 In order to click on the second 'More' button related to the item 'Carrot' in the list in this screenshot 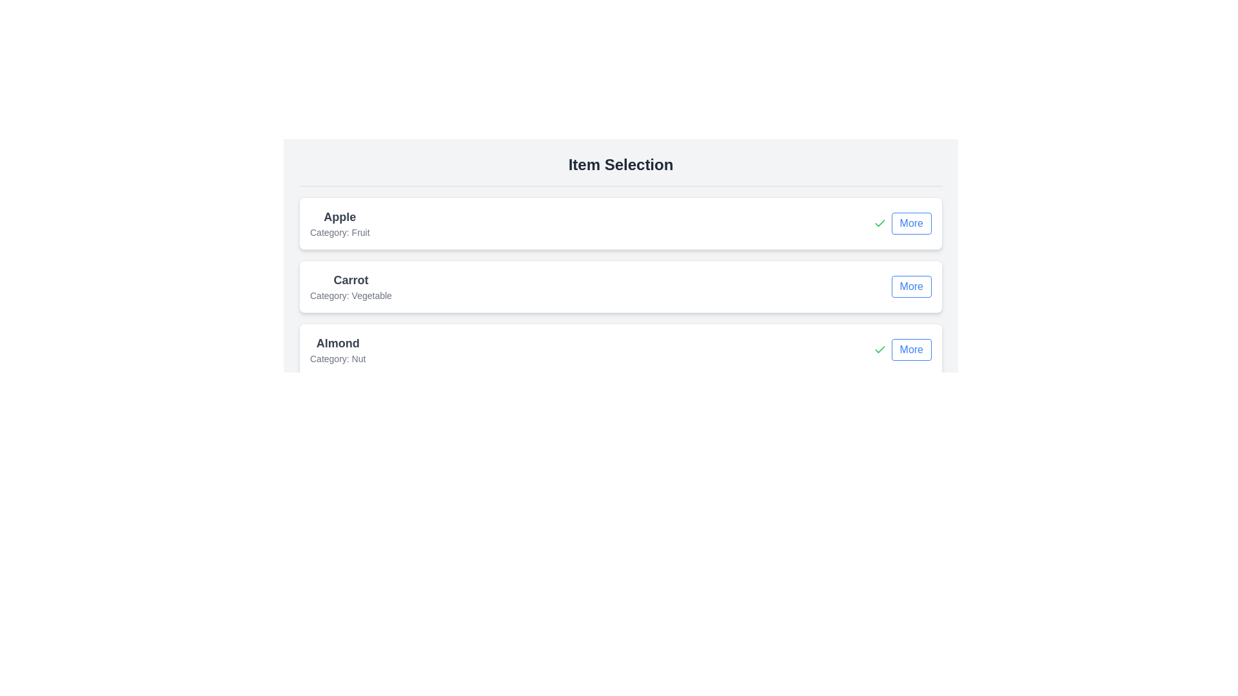, I will do `click(910, 285)`.